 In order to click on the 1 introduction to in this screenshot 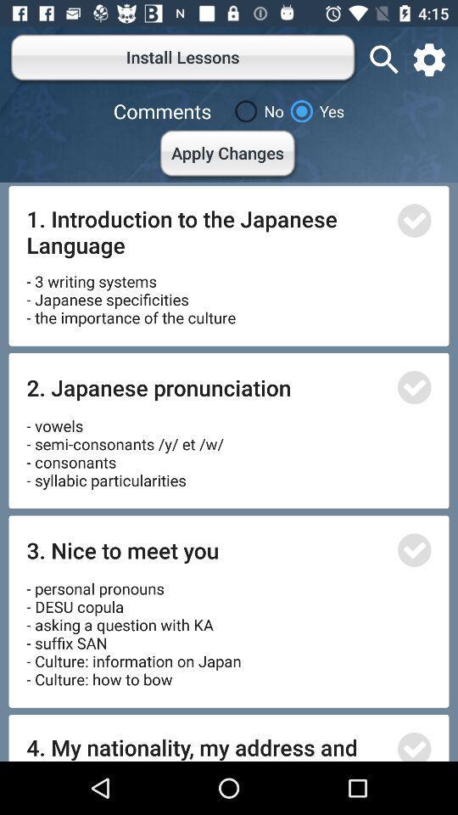, I will do `click(206, 231)`.